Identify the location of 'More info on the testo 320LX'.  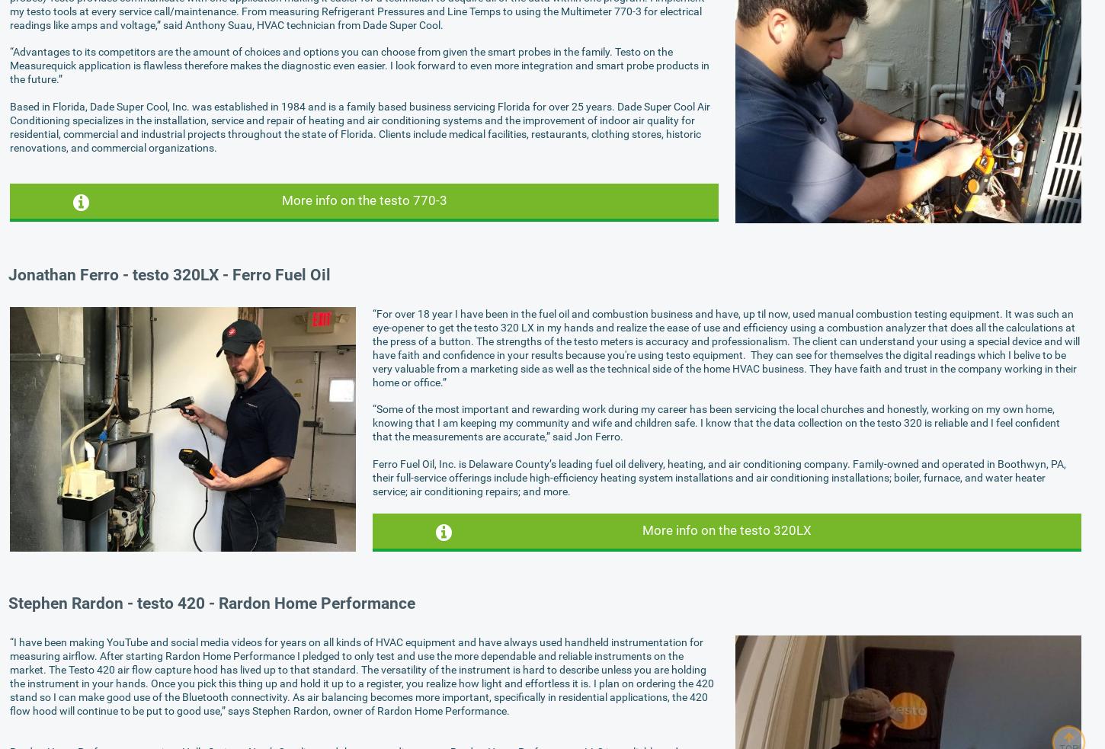
(725, 528).